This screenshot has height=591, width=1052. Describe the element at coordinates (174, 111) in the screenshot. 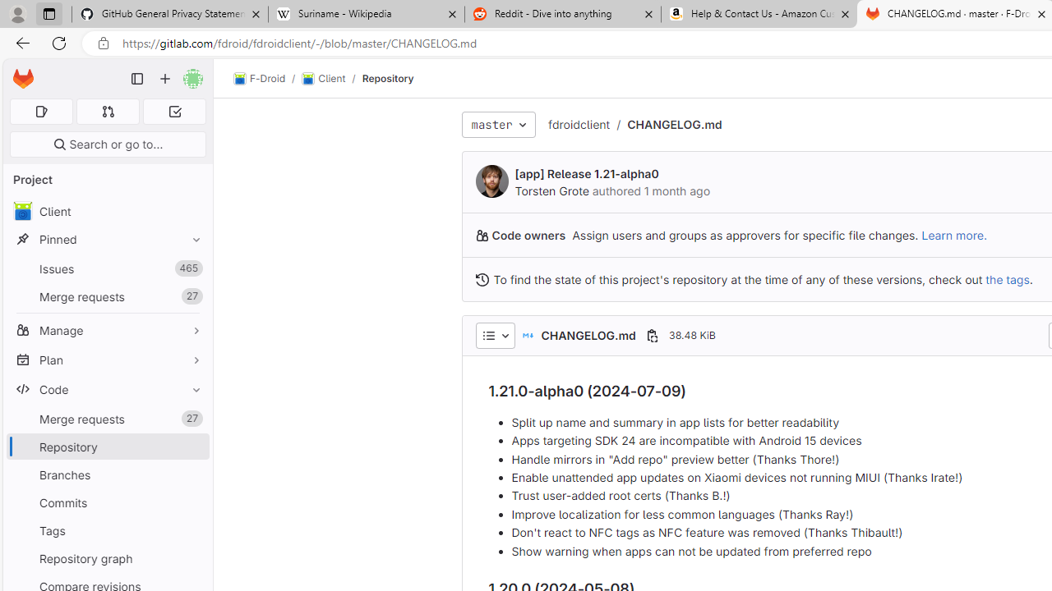

I see `'To-Do list 0'` at that location.